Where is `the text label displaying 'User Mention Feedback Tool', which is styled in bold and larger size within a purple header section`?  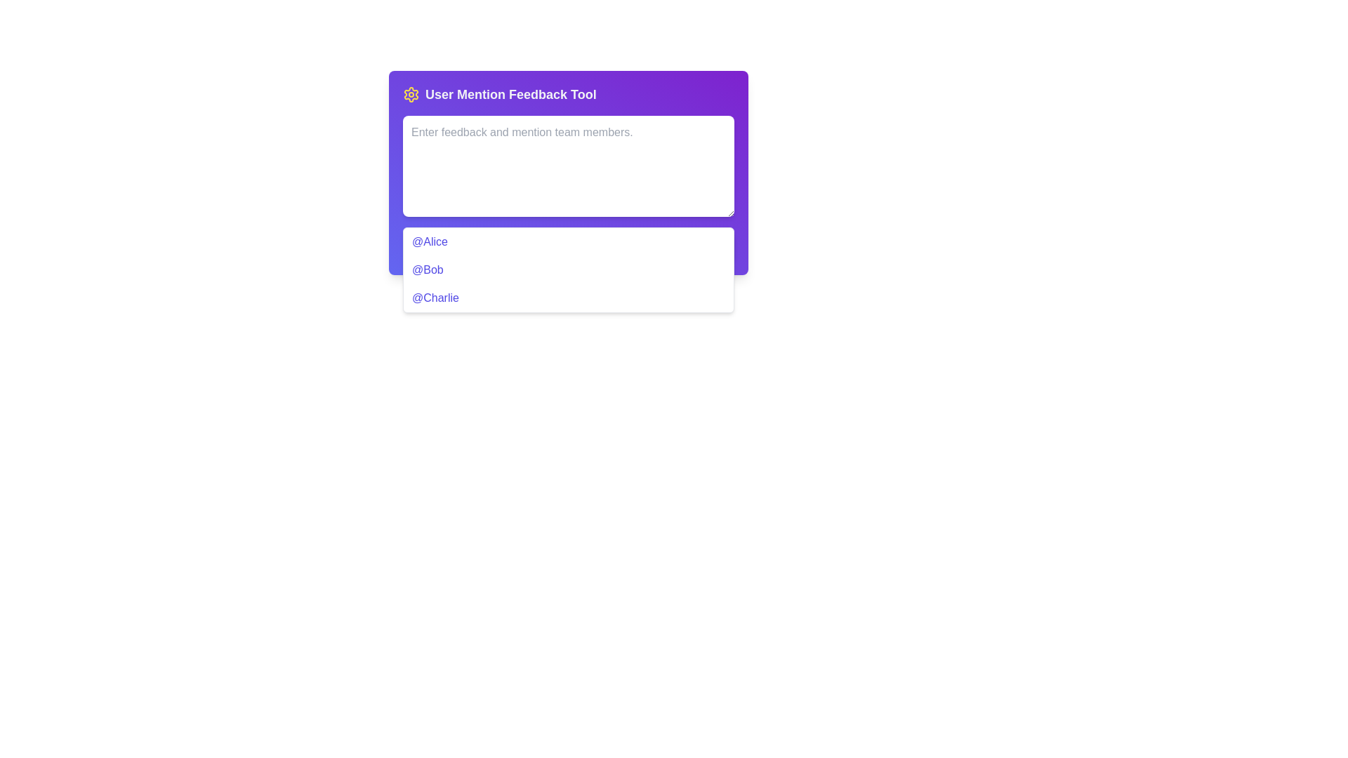
the text label displaying 'User Mention Feedback Tool', which is styled in bold and larger size within a purple header section is located at coordinates (510, 95).